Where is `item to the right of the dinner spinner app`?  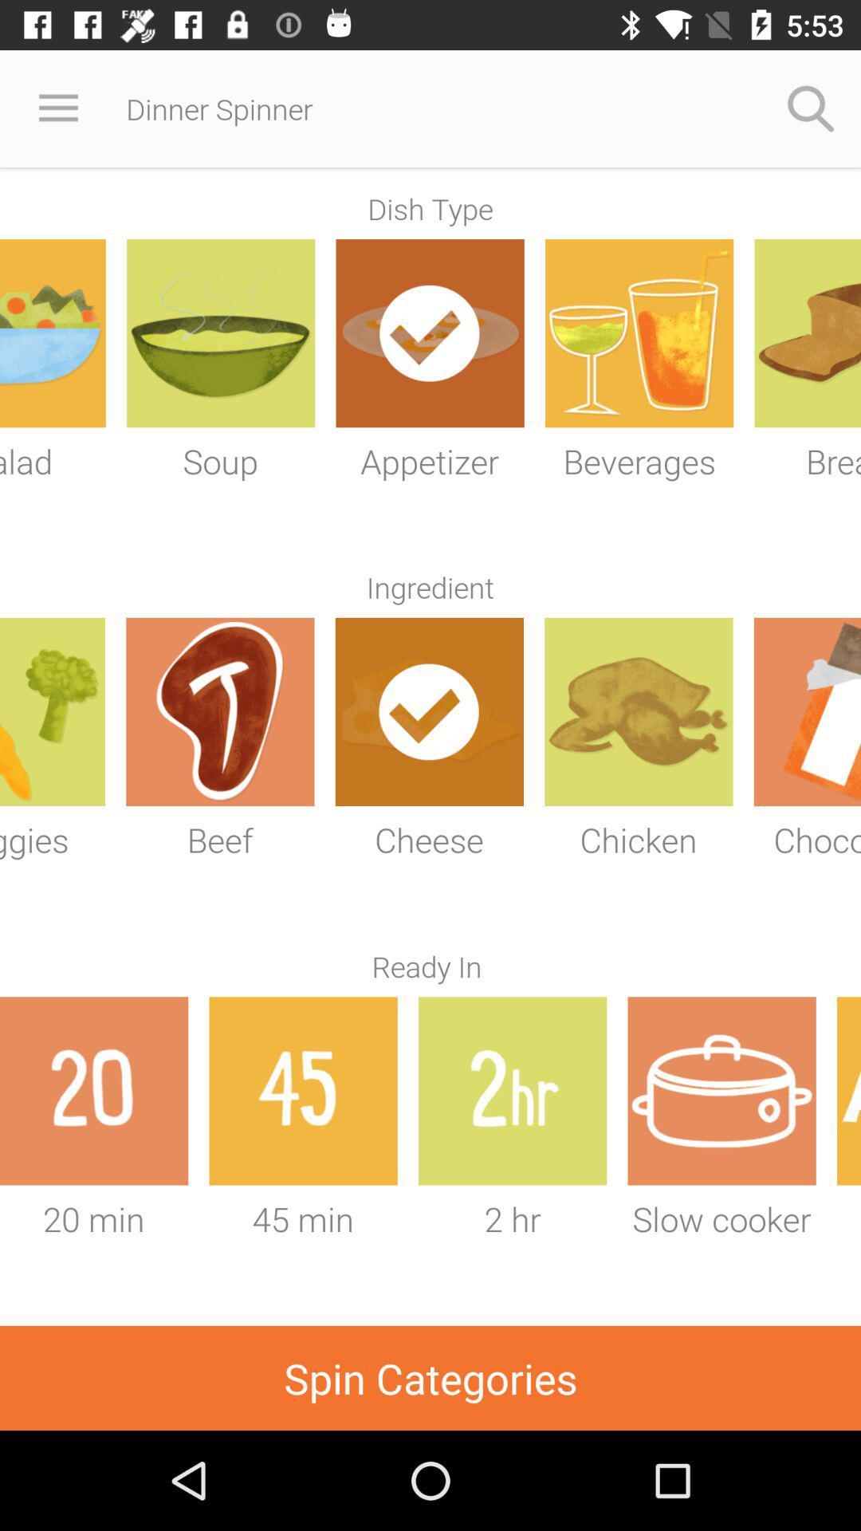
item to the right of the dinner spinner app is located at coordinates (811, 108).